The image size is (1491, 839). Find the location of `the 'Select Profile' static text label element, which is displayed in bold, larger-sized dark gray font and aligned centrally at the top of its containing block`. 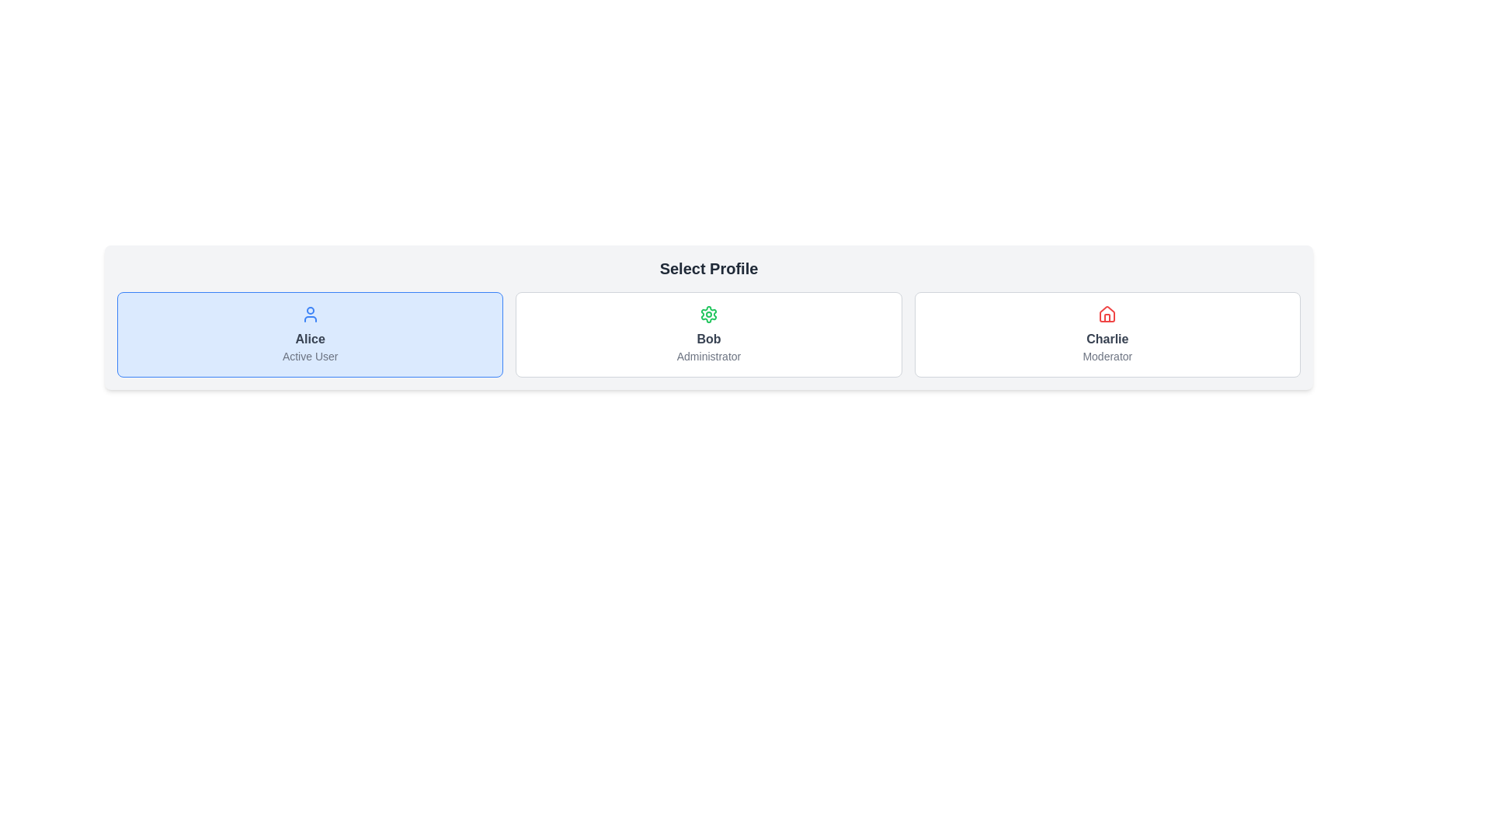

the 'Select Profile' static text label element, which is displayed in bold, larger-sized dark gray font and aligned centrally at the top of its containing block is located at coordinates (707, 268).